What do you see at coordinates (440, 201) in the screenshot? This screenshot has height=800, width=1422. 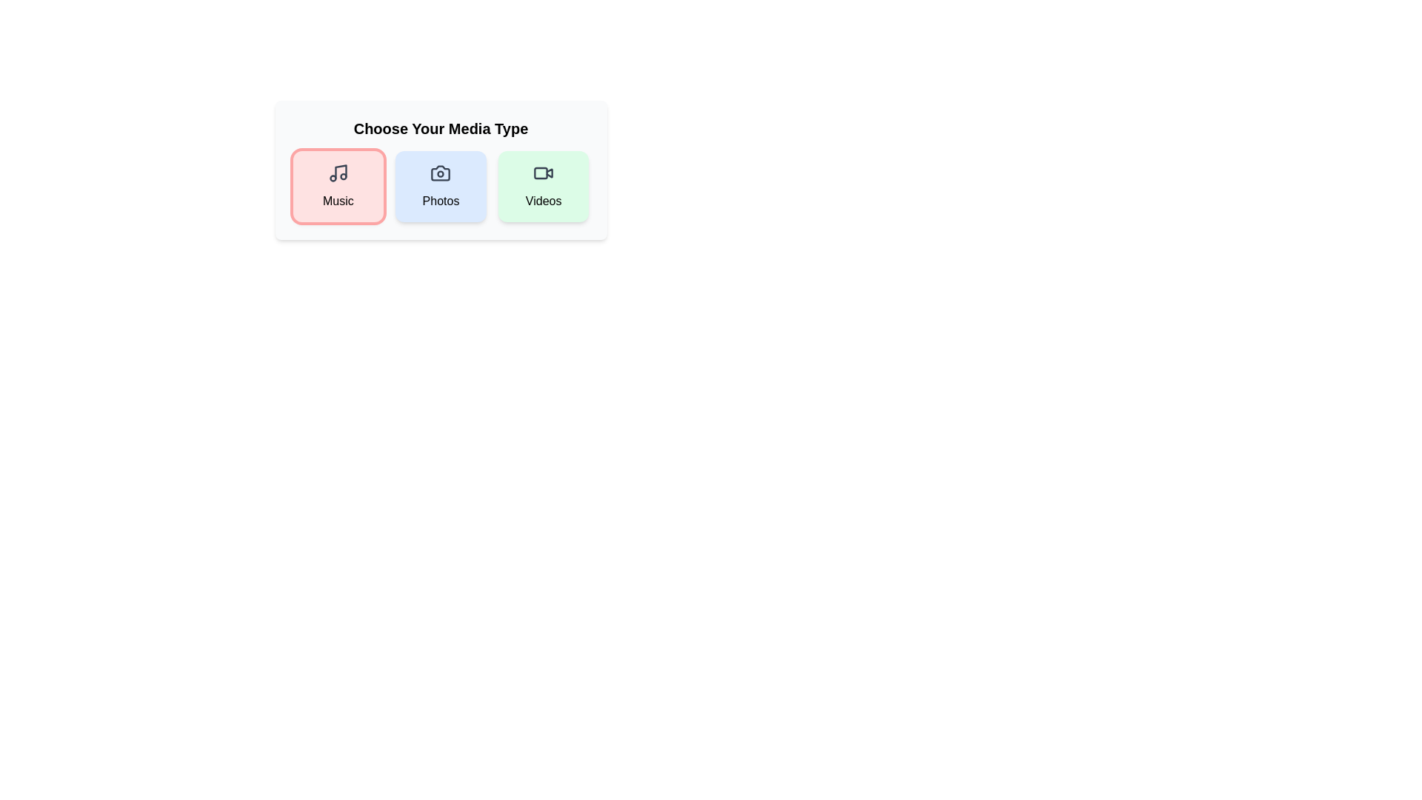 I see `the 'Photos' label, which indicates the section related to photos and is positioned in the center card of a three-card layout` at bounding box center [440, 201].